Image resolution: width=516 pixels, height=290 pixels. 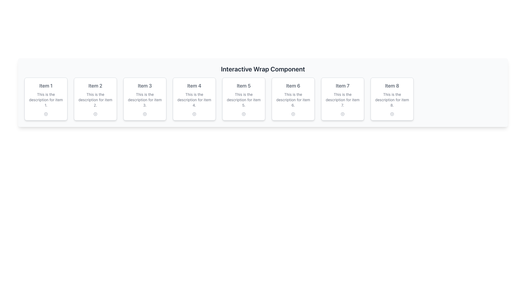 I want to click on the circular '+' icon button located at the bottom of the 'Item 6' card, so click(x=293, y=114).